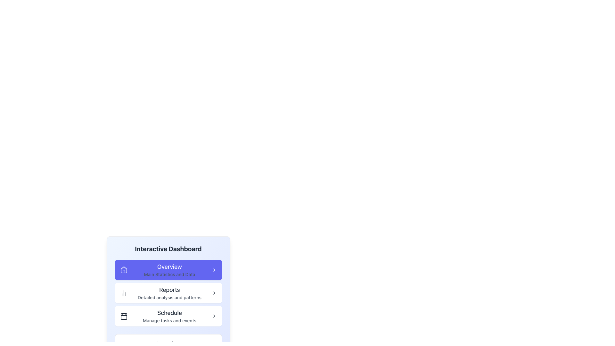 The image size is (615, 346). Describe the element at coordinates (214, 293) in the screenshot. I see `the navigational icon located at the far right of the 'Reports' button, which suggests interaction with the 'Reports' section` at that location.